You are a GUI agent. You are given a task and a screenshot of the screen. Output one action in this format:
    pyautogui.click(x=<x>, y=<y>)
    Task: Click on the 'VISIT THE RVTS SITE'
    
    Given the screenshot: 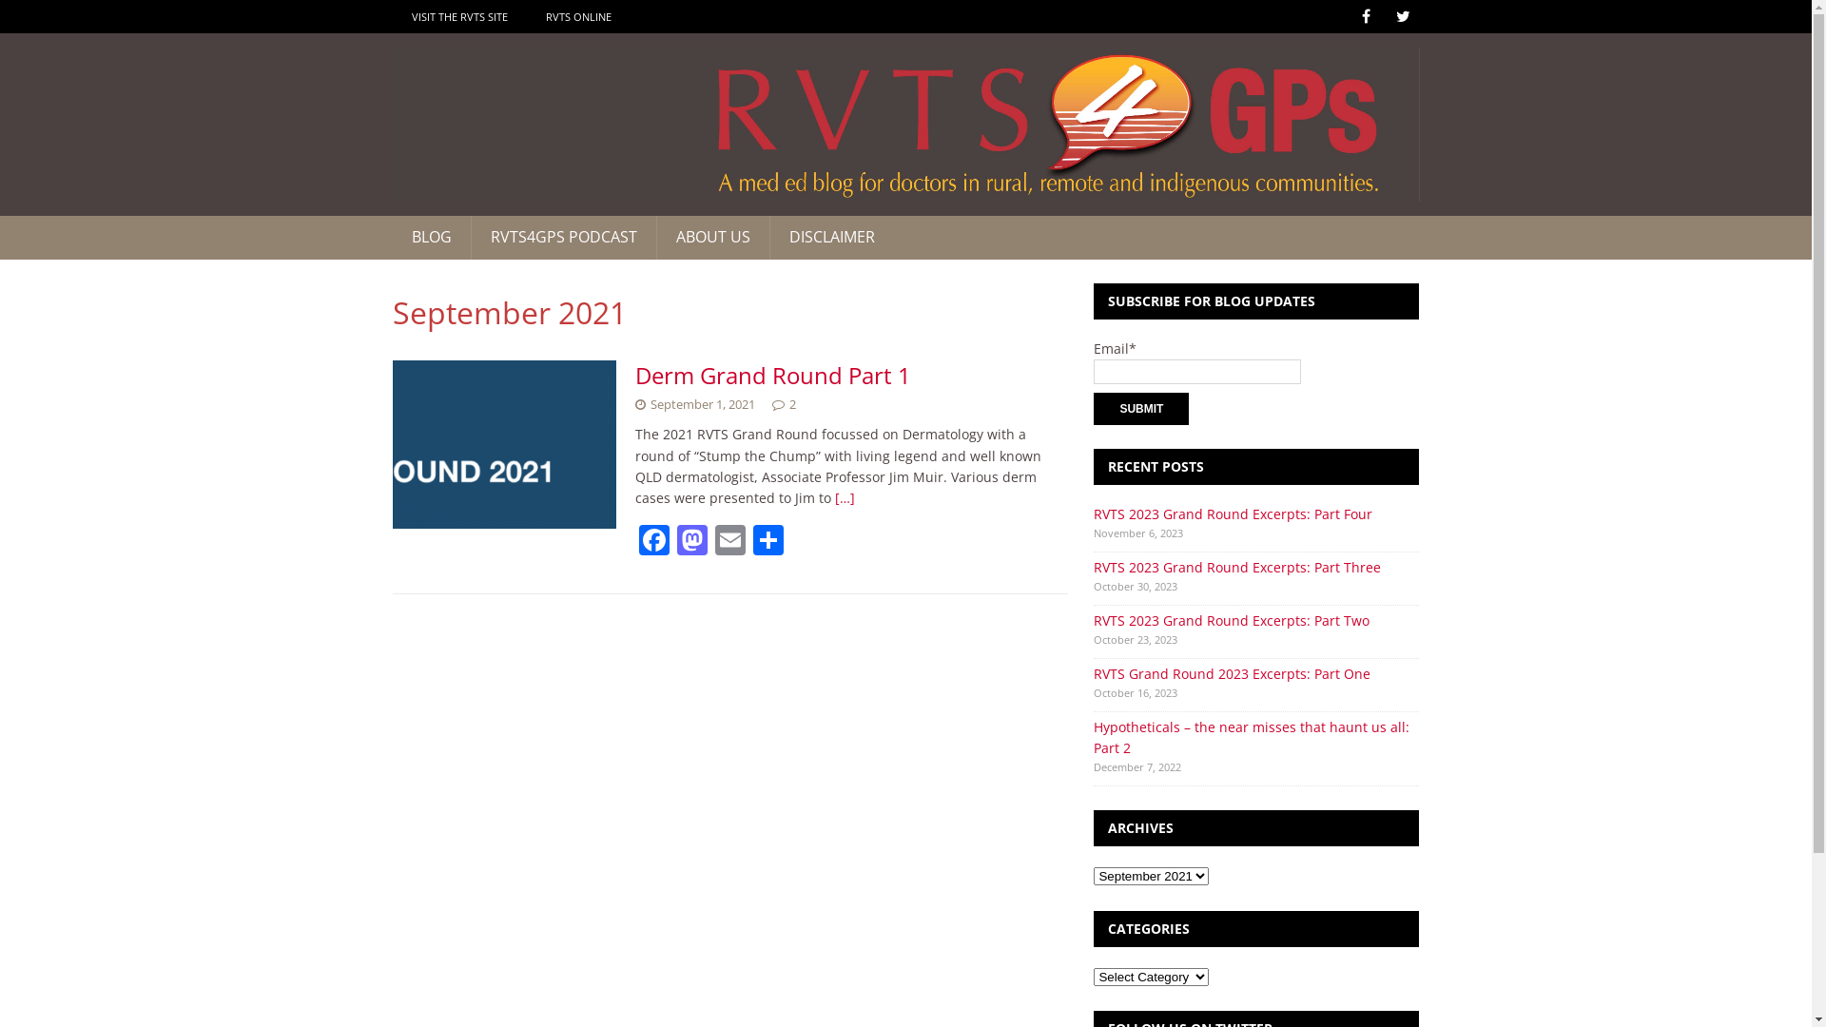 What is the action you would take?
    pyautogui.click(x=458, y=16)
    